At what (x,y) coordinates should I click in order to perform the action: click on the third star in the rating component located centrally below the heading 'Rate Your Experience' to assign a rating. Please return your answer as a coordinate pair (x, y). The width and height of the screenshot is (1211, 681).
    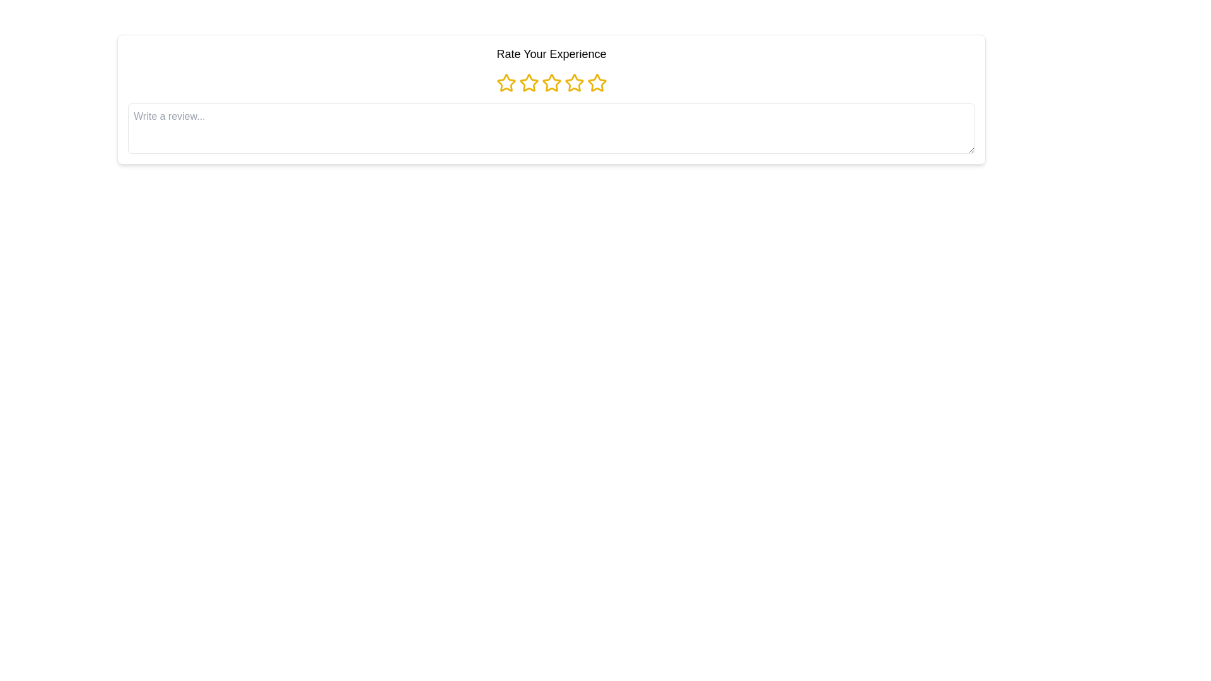
    Looking at the image, I should click on (551, 83).